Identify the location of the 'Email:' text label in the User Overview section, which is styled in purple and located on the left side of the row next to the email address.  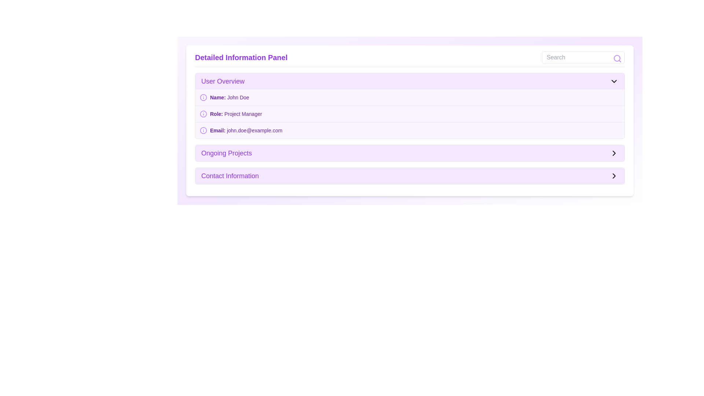
(217, 130).